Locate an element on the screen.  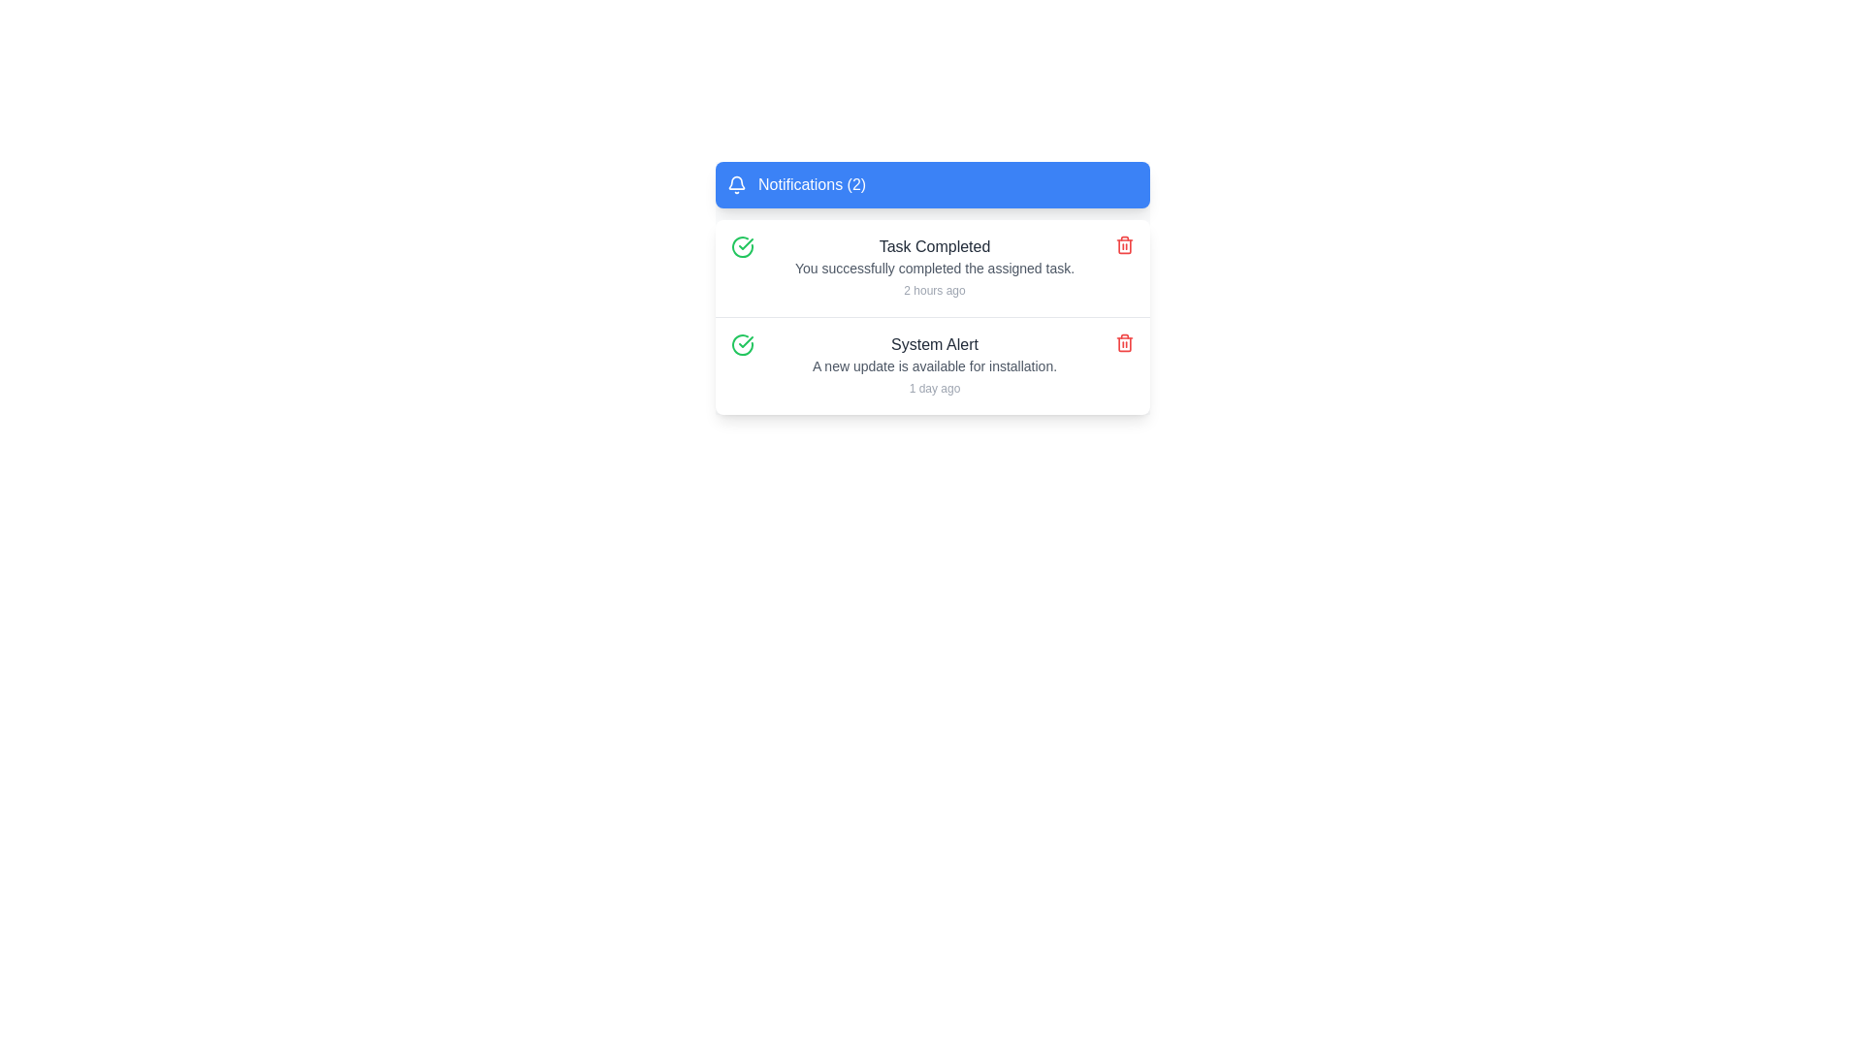
the circular check icon located to the left of the 'System Alert' notification in the notification row, which indicates a confirmed action is located at coordinates (745, 242).